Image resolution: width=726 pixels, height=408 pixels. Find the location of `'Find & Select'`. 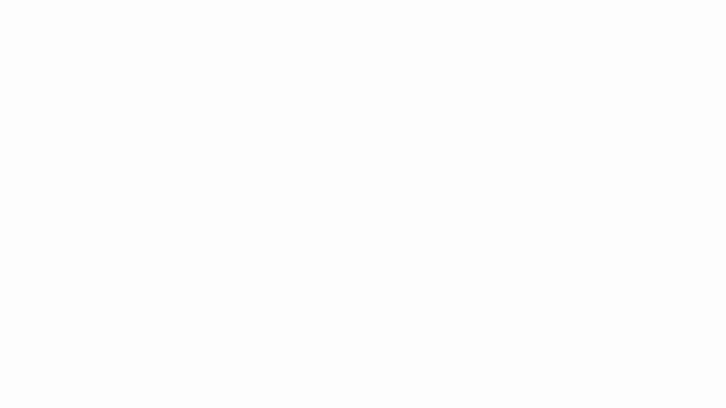

'Find & Select' is located at coordinates (345, 58).